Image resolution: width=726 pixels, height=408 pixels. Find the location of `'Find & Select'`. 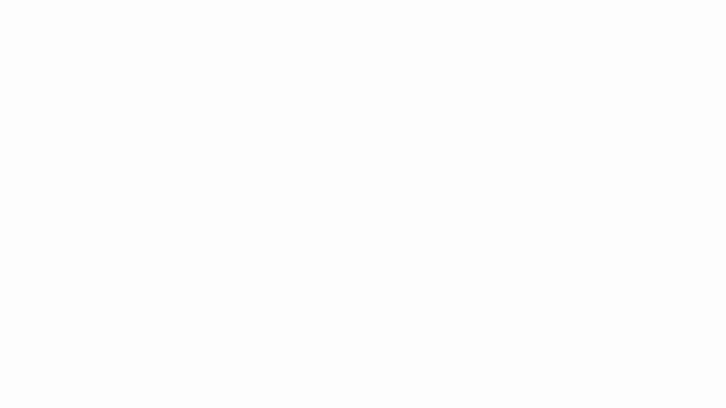

'Find & Select' is located at coordinates (345, 58).